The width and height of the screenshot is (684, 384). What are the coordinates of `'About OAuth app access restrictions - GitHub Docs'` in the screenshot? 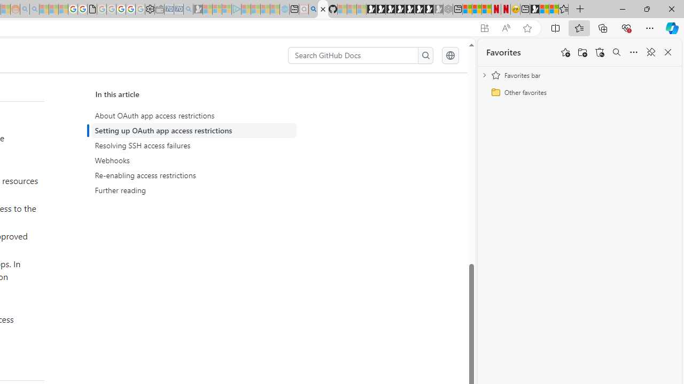 It's located at (322, 9).